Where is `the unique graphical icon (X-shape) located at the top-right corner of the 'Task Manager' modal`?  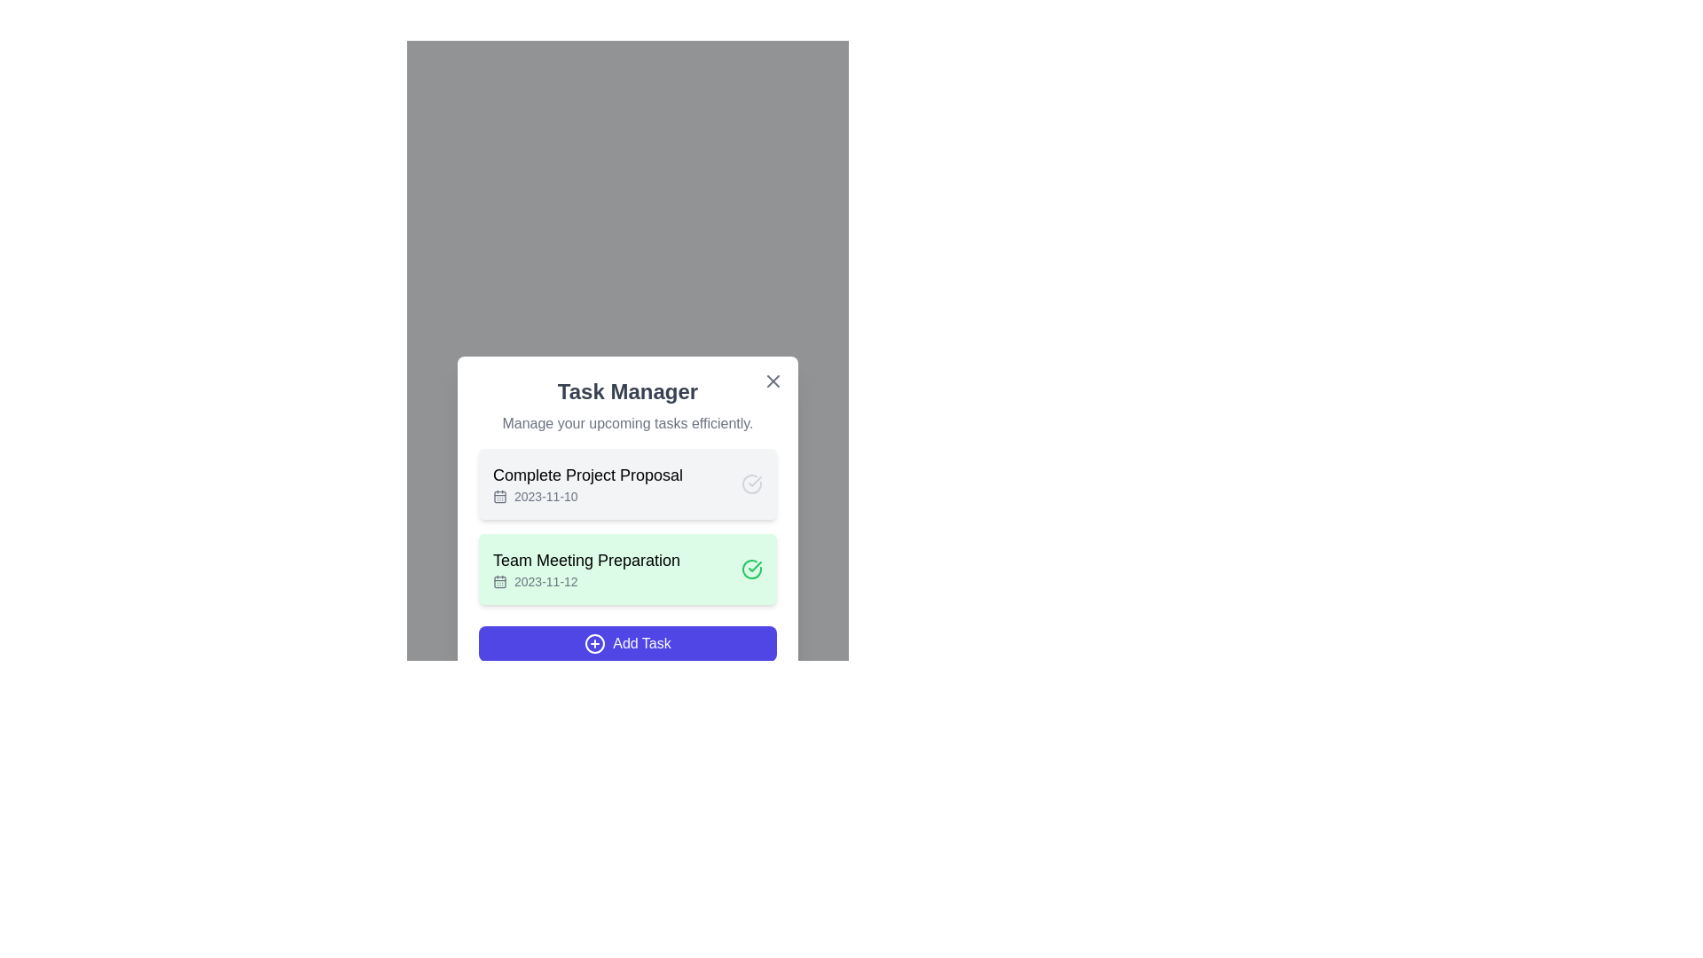 the unique graphical icon (X-shape) located at the top-right corner of the 'Task Manager' modal is located at coordinates (773, 380).